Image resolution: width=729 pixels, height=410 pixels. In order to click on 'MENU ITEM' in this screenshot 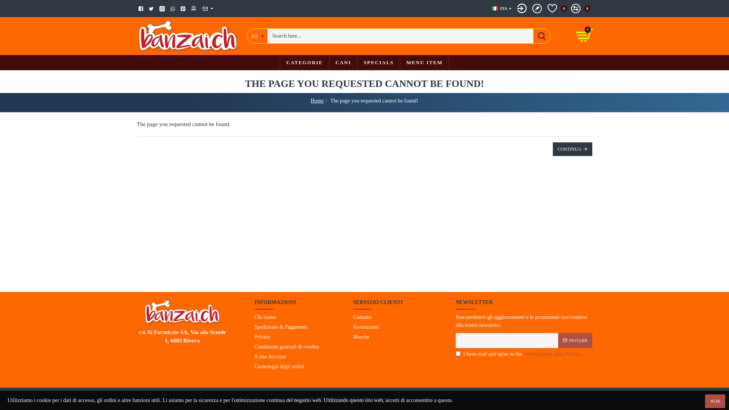, I will do `click(424, 62)`.